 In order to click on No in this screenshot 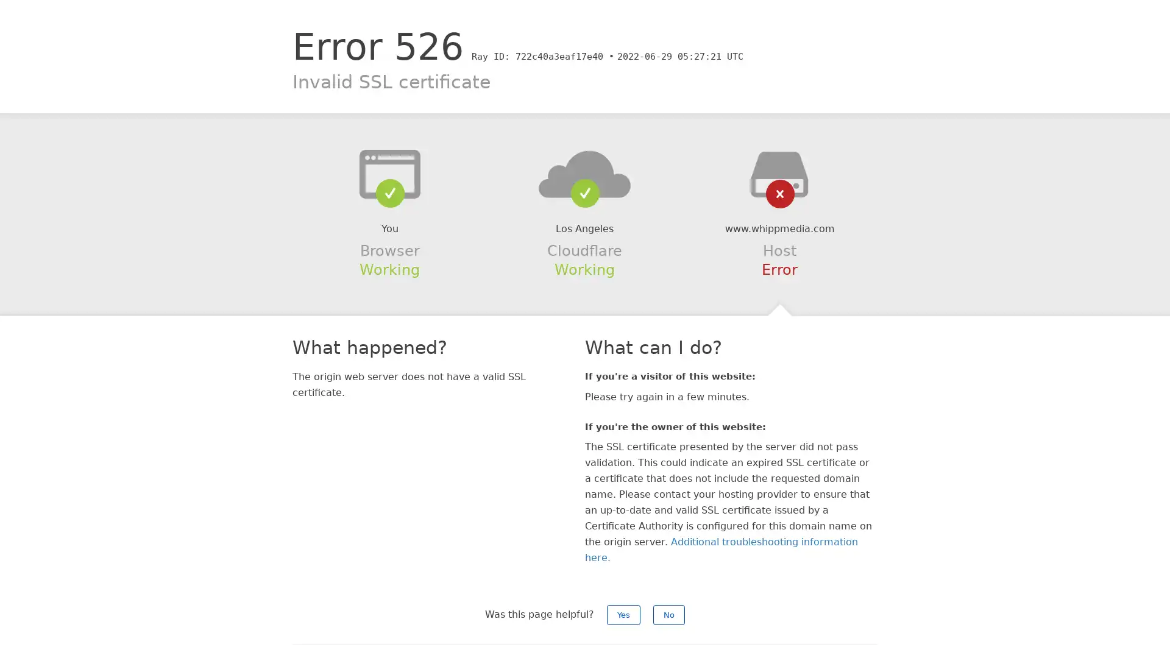, I will do `click(668, 615)`.